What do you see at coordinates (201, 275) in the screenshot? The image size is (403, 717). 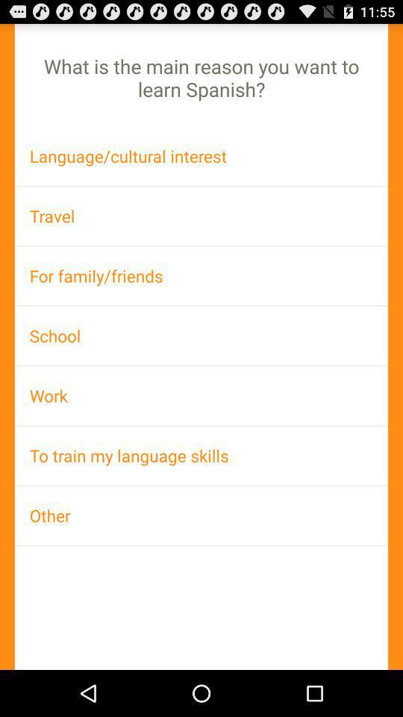 I see `icon below the travel icon` at bounding box center [201, 275].